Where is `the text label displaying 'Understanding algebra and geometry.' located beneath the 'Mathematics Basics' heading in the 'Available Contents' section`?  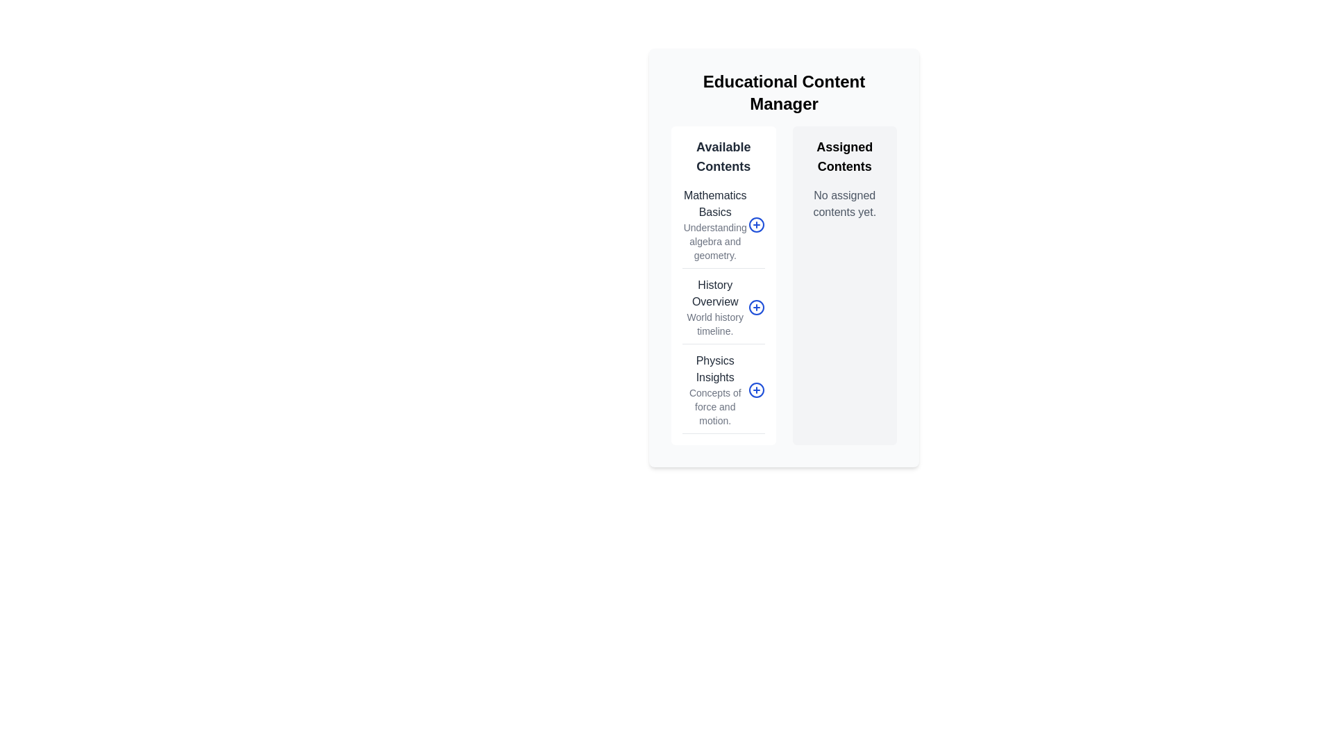 the text label displaying 'Understanding algebra and geometry.' located beneath the 'Mathematics Basics' heading in the 'Available Contents' section is located at coordinates (715, 240).